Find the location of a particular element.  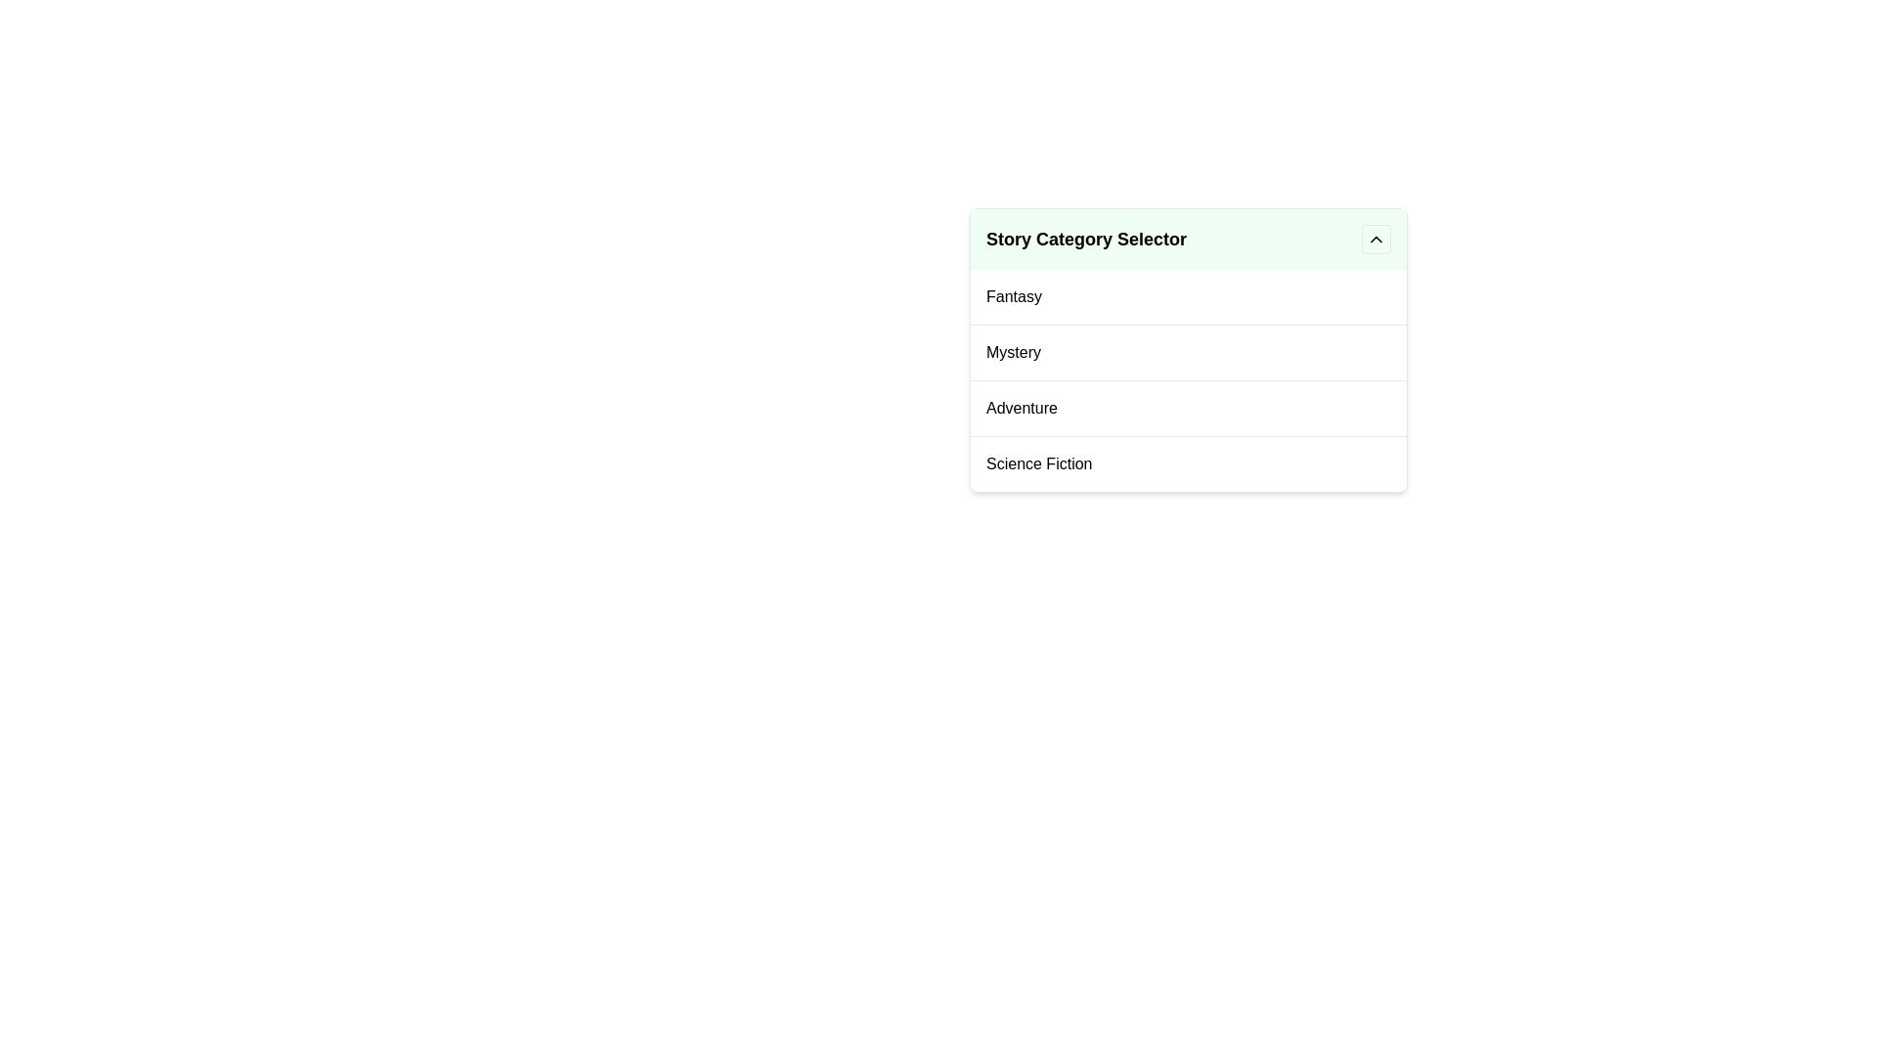

the 'Science Fiction' category option in the 'Story Category Selector' dropdown is located at coordinates (1187, 463).